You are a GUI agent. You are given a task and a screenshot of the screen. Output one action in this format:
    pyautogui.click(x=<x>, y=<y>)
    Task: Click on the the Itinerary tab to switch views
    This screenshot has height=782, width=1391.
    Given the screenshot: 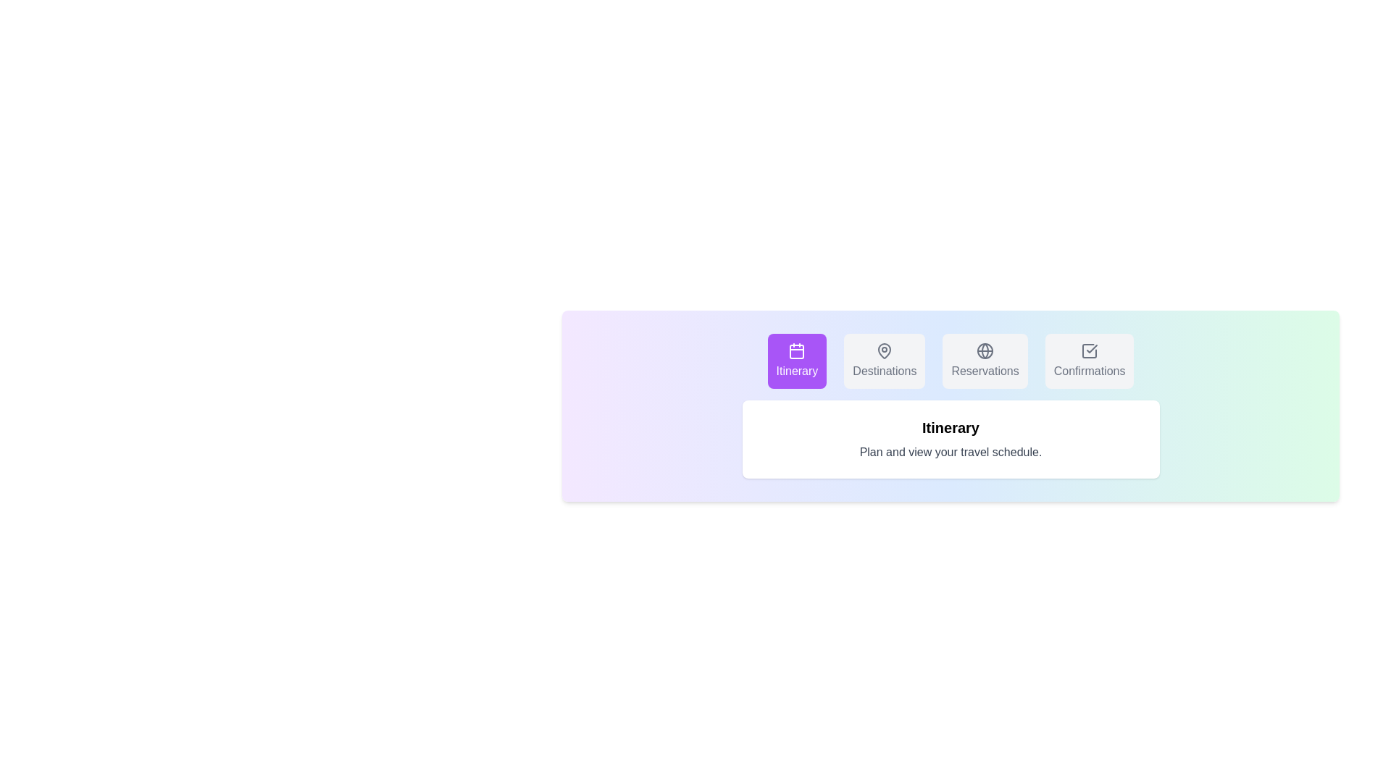 What is the action you would take?
    pyautogui.click(x=796, y=360)
    